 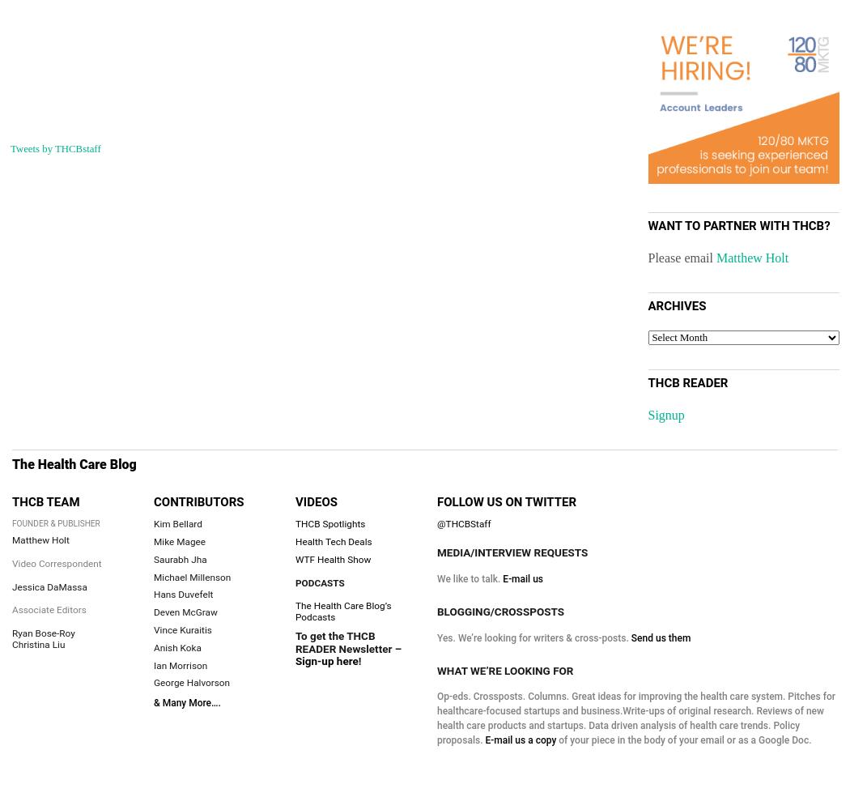 What do you see at coordinates (659, 637) in the screenshot?
I see `'Send us them'` at bounding box center [659, 637].